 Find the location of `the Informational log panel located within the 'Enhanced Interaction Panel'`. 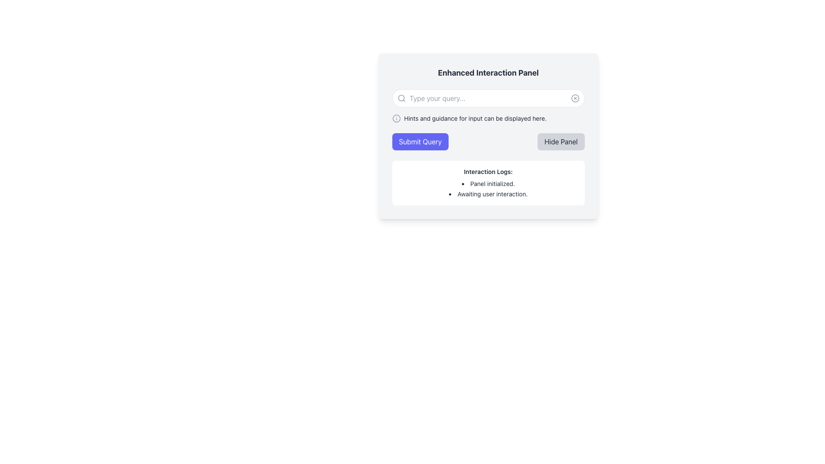

the Informational log panel located within the 'Enhanced Interaction Panel' is located at coordinates (488, 182).